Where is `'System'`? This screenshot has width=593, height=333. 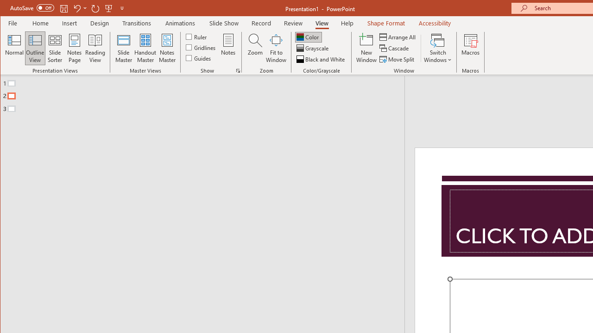
'System' is located at coordinates (8, 9).